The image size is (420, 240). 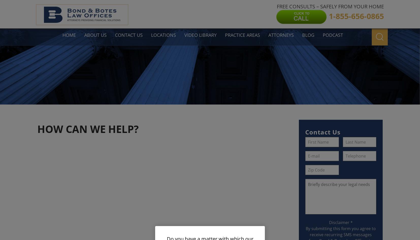 I want to click on 'FREE CONSULTS – SAFELY FROM YOUR HOME', so click(x=330, y=6).